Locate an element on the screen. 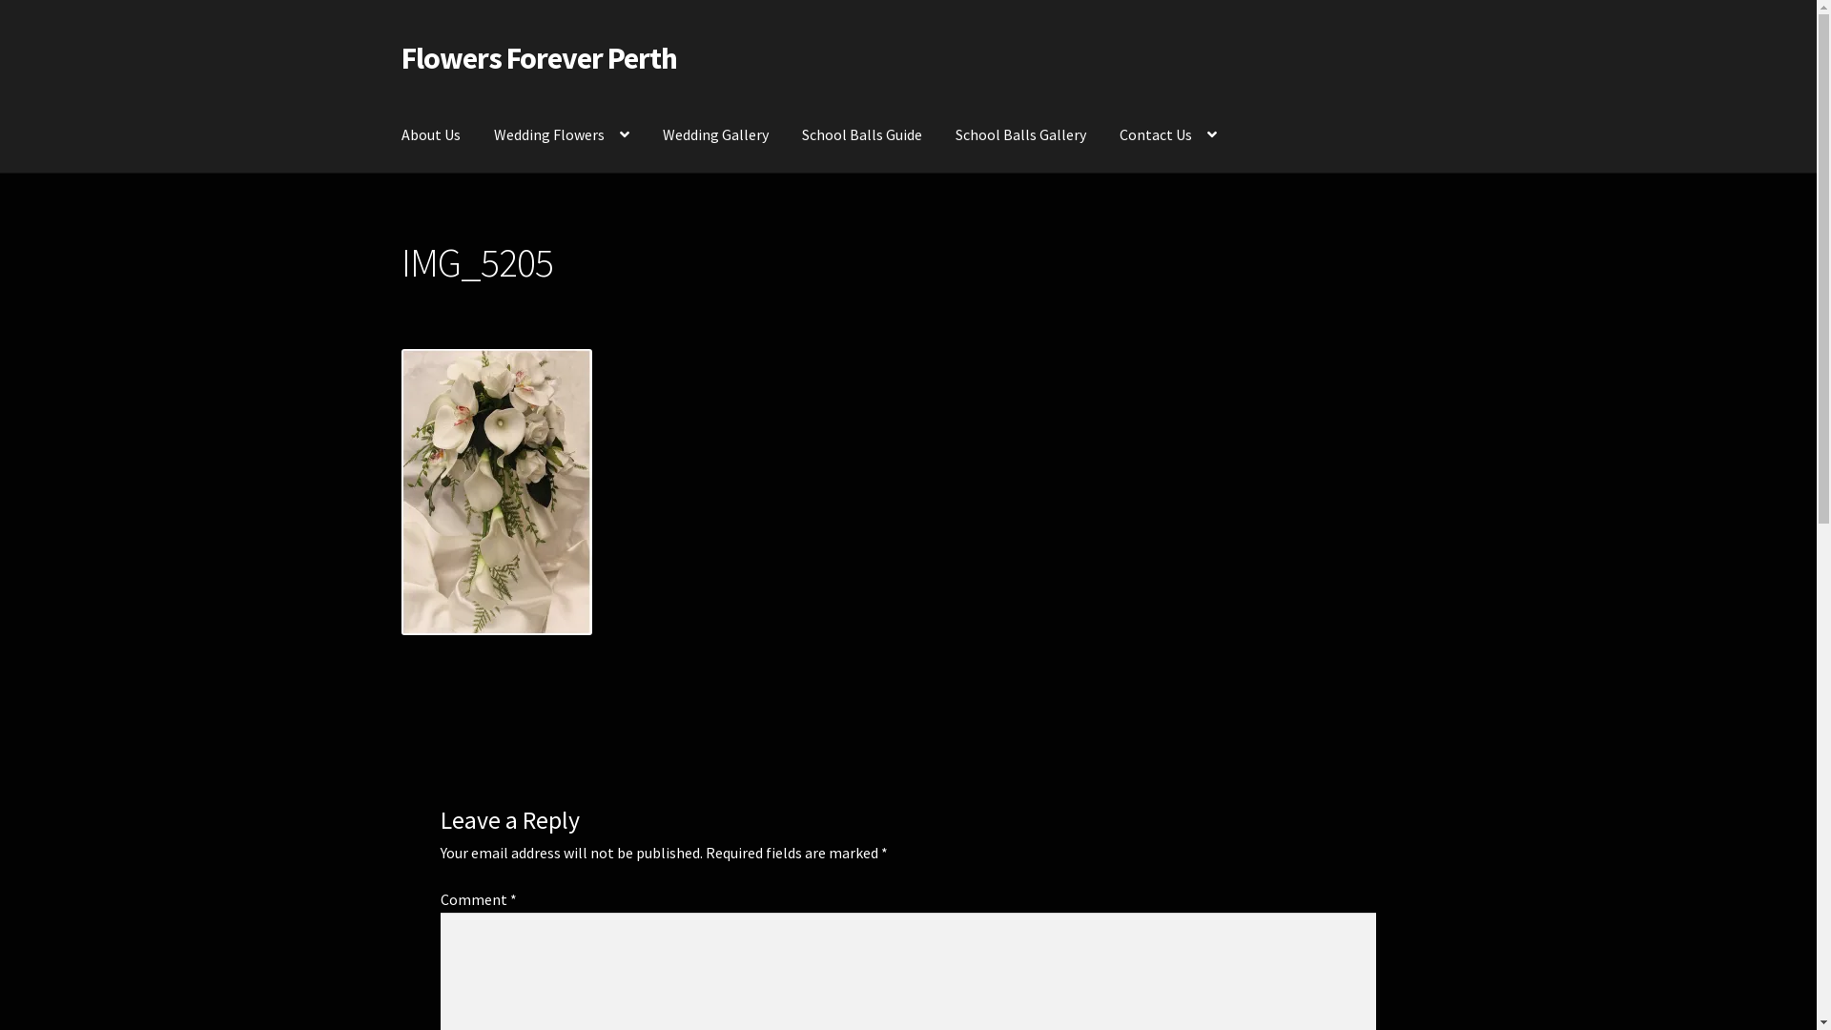 The width and height of the screenshot is (1831, 1030). 'About Us' is located at coordinates (429, 134).